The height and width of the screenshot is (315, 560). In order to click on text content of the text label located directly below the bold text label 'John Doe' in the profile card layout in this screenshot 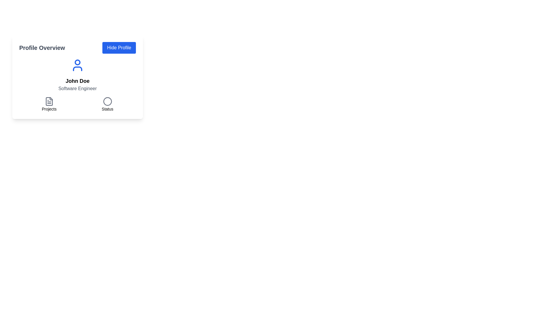, I will do `click(77, 89)`.